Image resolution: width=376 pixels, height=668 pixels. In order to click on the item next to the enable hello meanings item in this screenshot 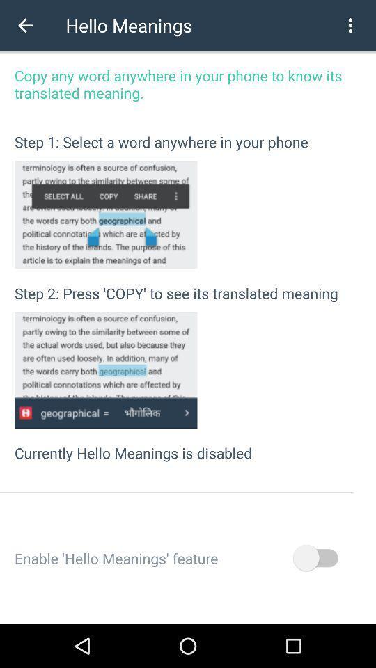, I will do `click(315, 558)`.